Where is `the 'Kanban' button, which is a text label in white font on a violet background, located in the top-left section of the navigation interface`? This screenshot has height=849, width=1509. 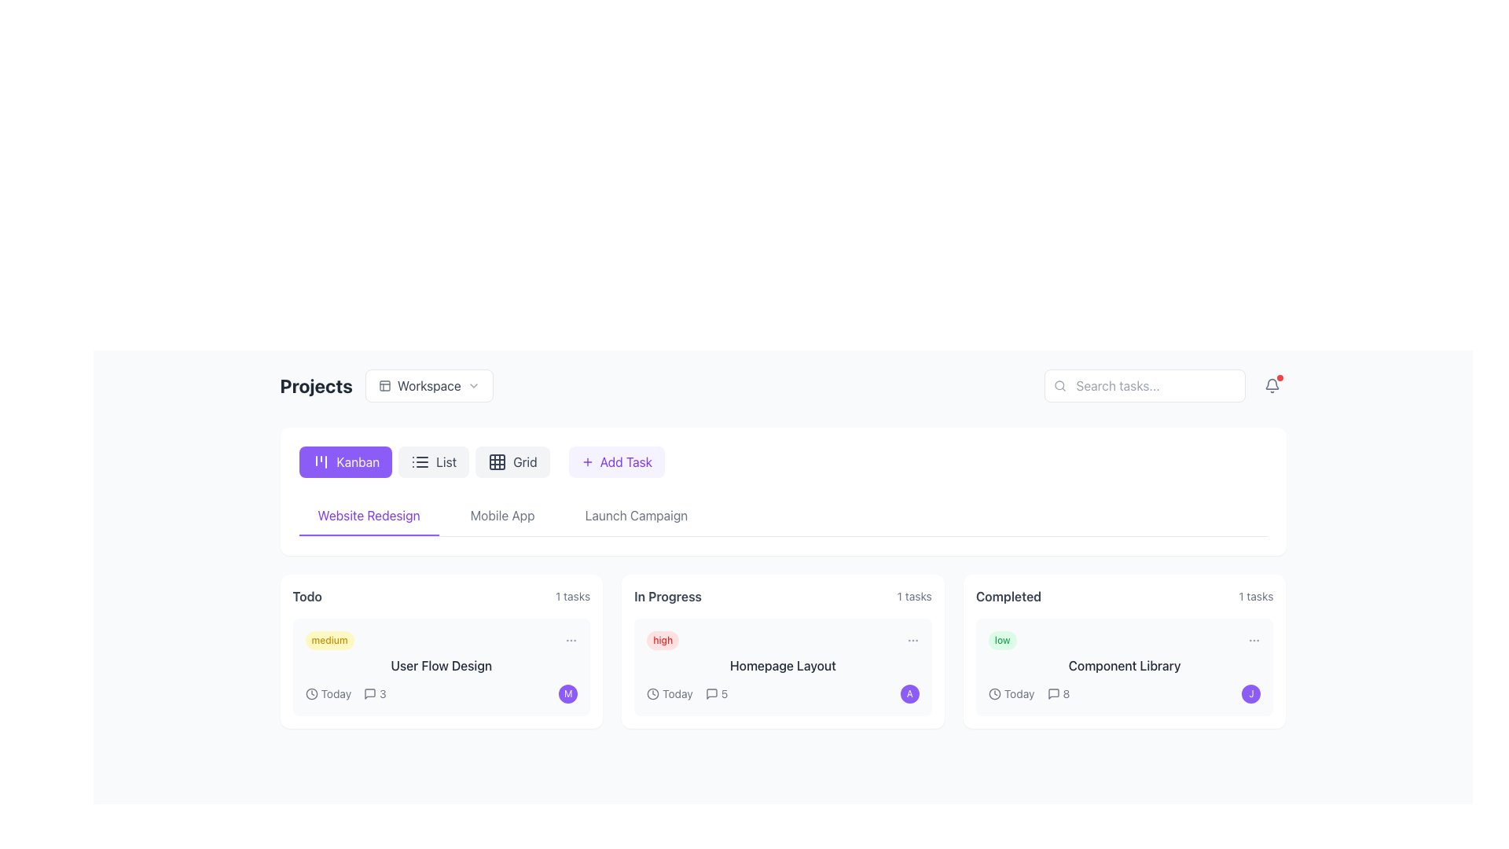 the 'Kanban' button, which is a text label in white font on a violet background, located in the top-left section of the navigation interface is located at coordinates (357, 461).